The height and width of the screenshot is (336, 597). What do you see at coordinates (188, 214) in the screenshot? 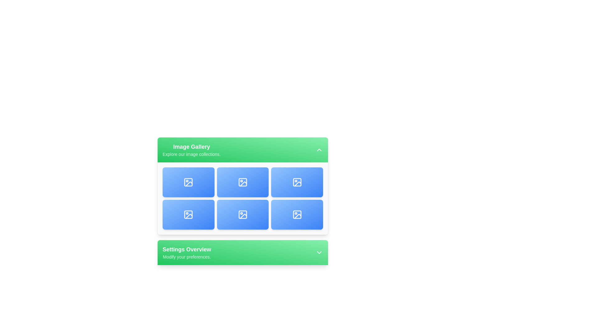
I see `the small rectangular icon with rounded corners that has a white border and a blue background, located in the bottom-left tile of the image gallery` at bounding box center [188, 214].